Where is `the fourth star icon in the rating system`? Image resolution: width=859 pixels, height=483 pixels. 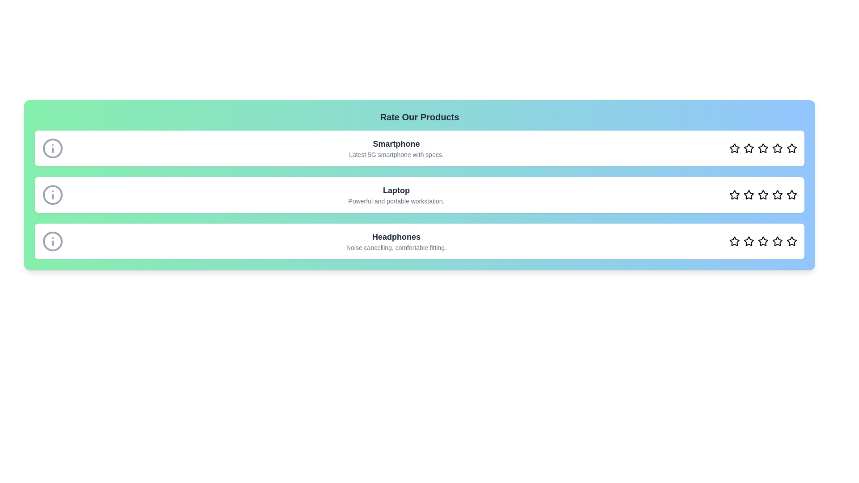 the fourth star icon in the rating system is located at coordinates (762, 148).